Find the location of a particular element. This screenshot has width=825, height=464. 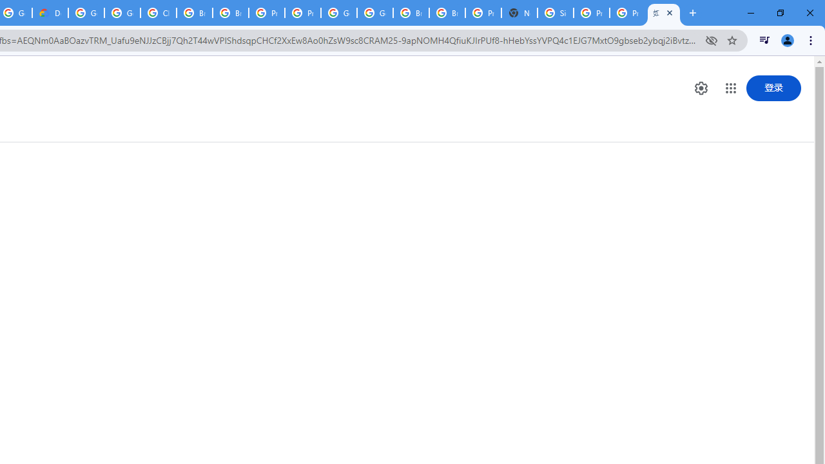

'Google Cloud Platform' is located at coordinates (339, 13).